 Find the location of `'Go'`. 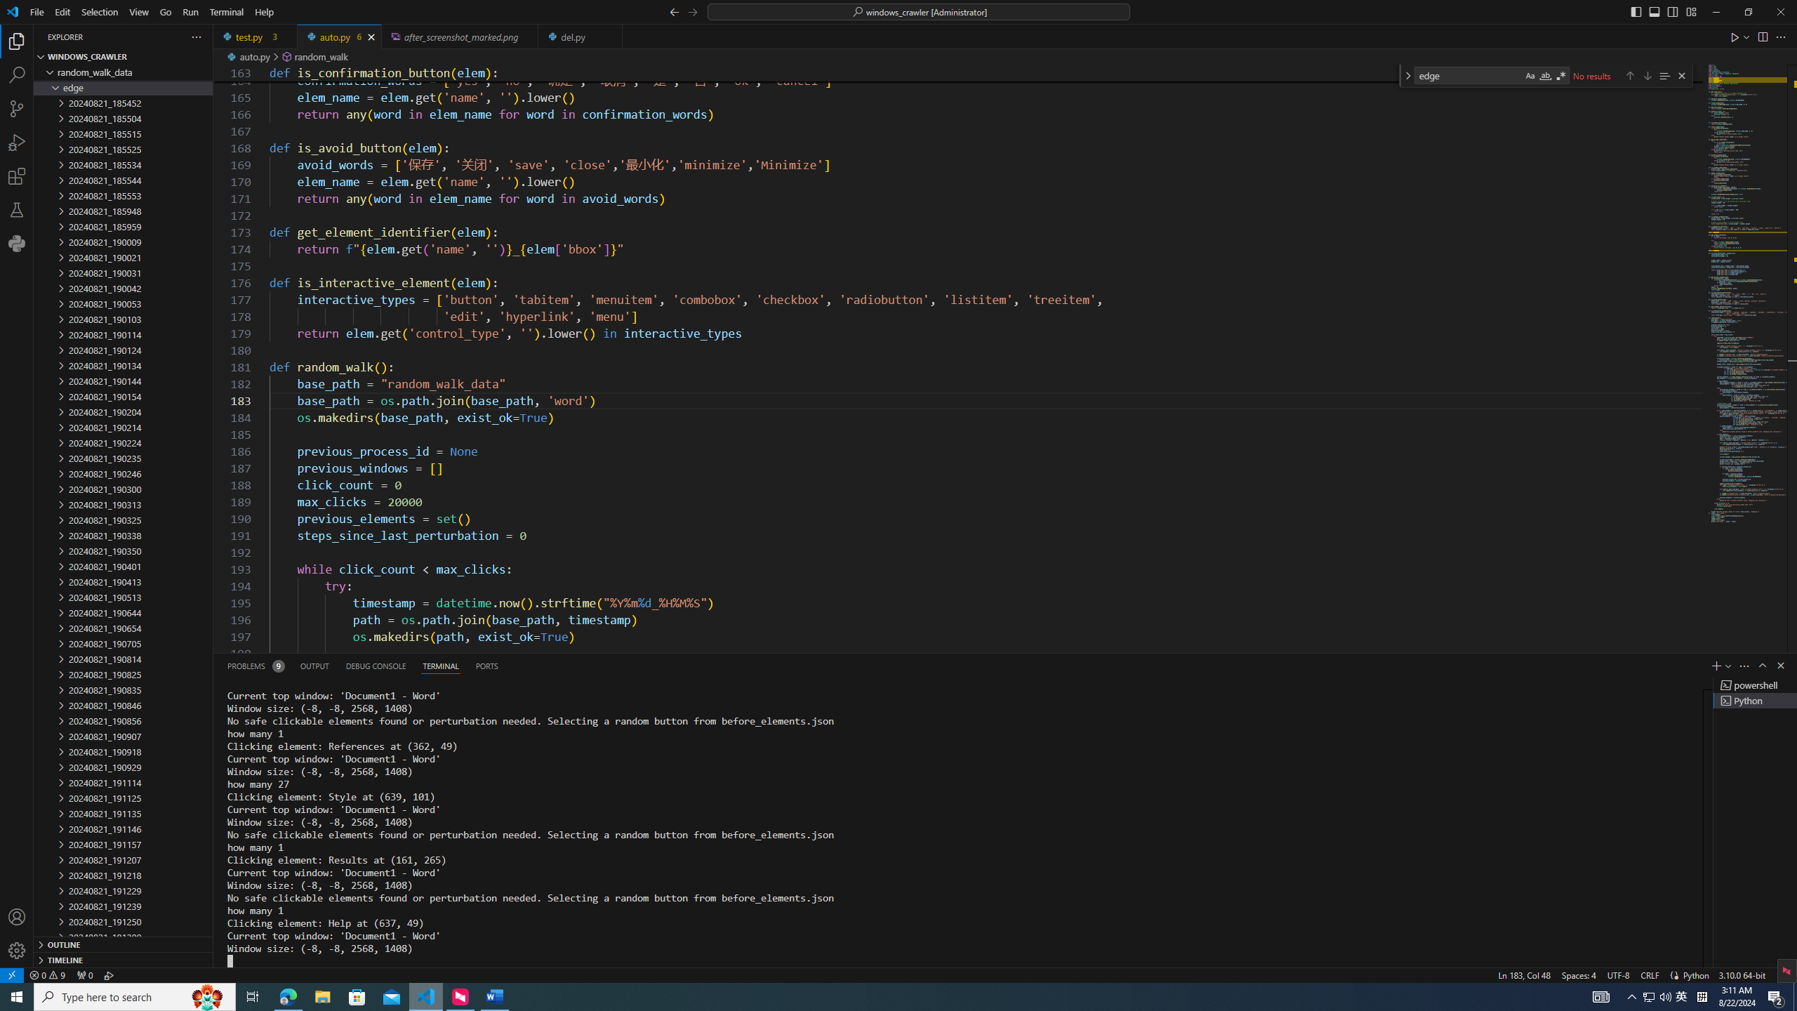

'Go' is located at coordinates (166, 11).